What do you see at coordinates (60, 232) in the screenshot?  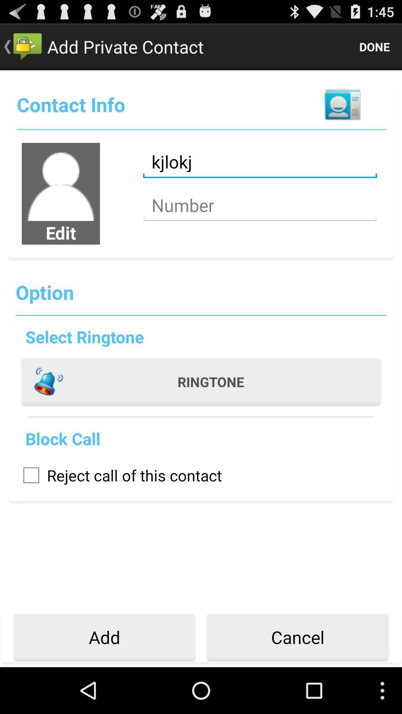 I see `item above option icon` at bounding box center [60, 232].